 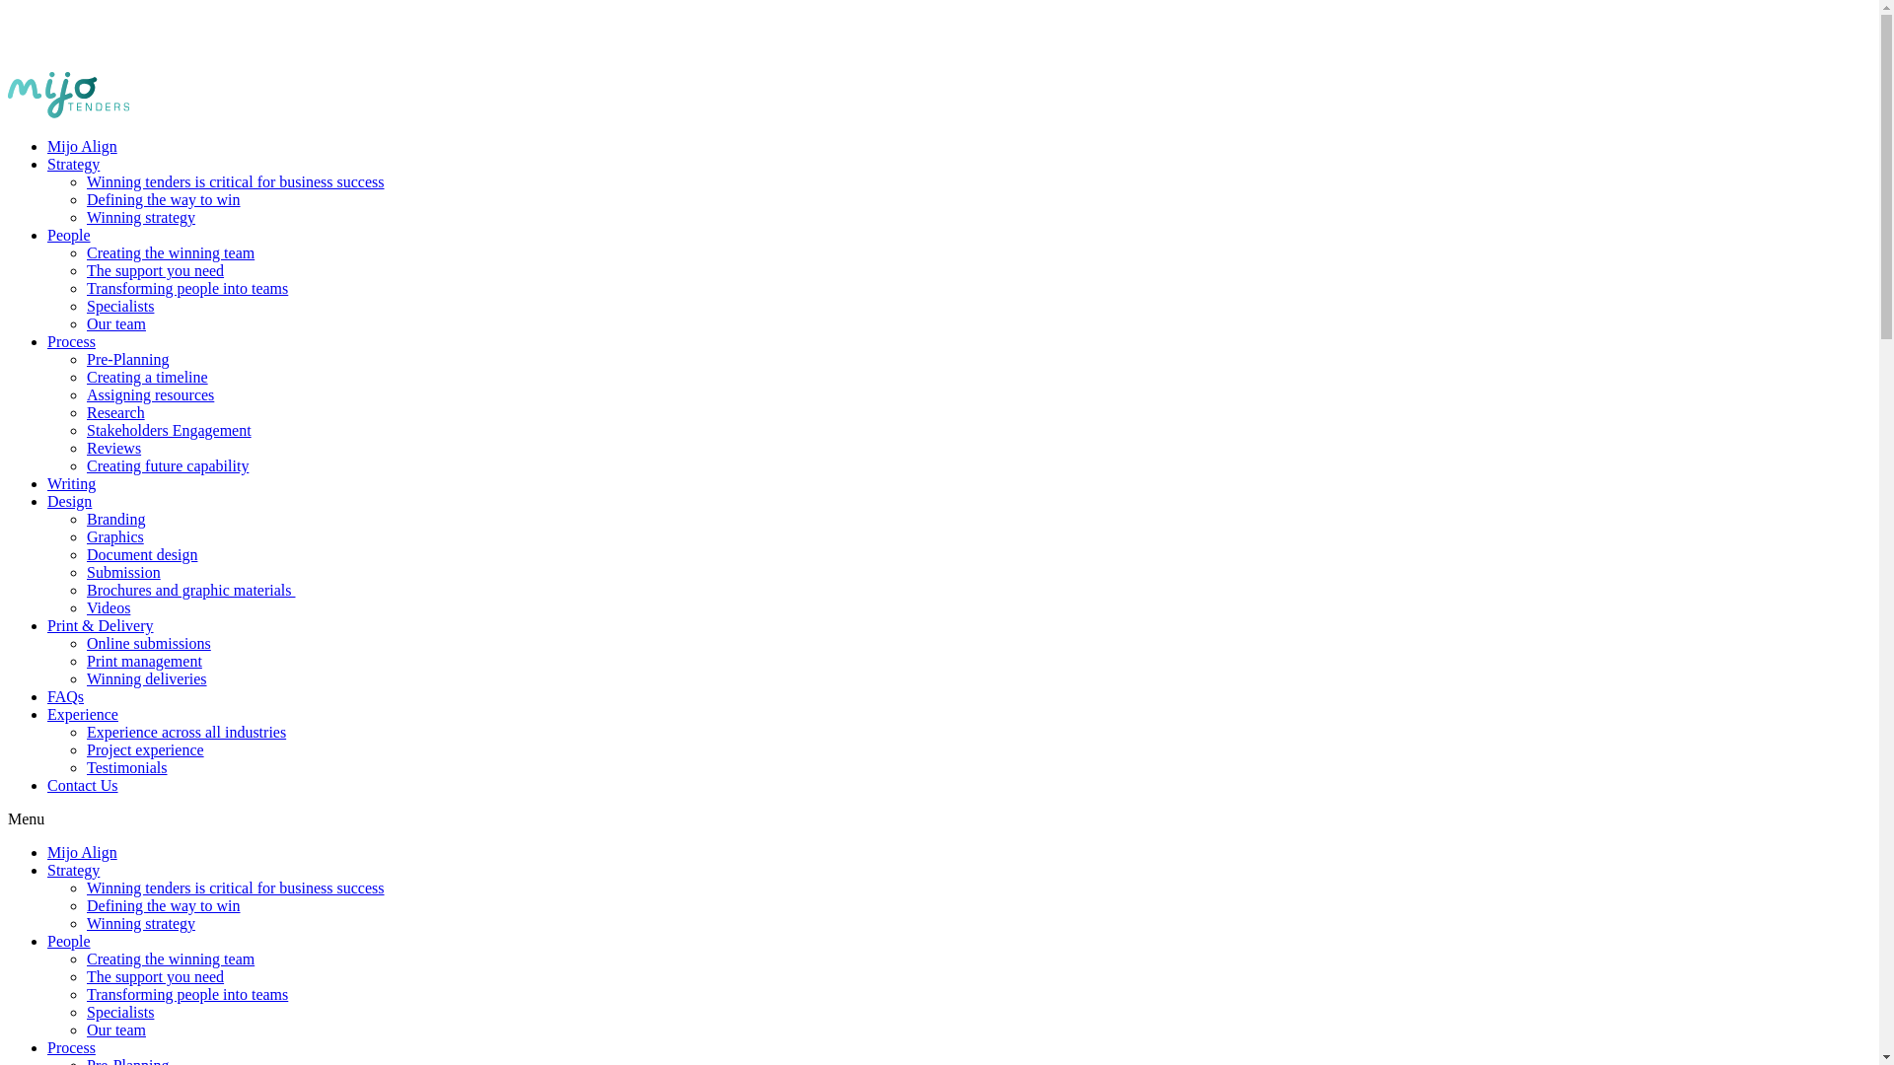 What do you see at coordinates (126, 359) in the screenshot?
I see `'Pre-Planning'` at bounding box center [126, 359].